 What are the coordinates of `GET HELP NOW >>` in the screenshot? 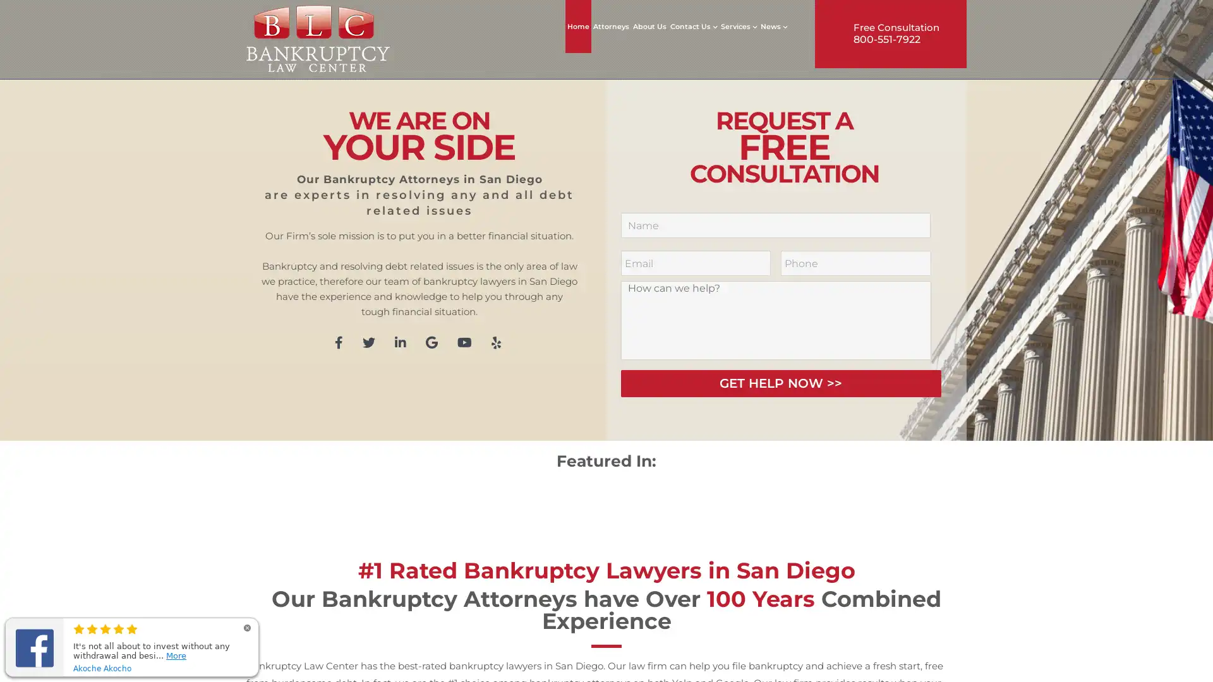 It's located at (780, 383).